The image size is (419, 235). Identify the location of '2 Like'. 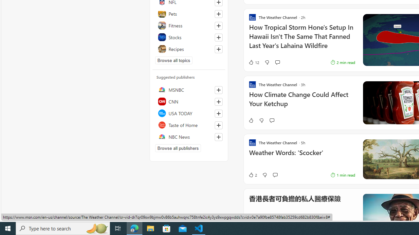
(252, 175).